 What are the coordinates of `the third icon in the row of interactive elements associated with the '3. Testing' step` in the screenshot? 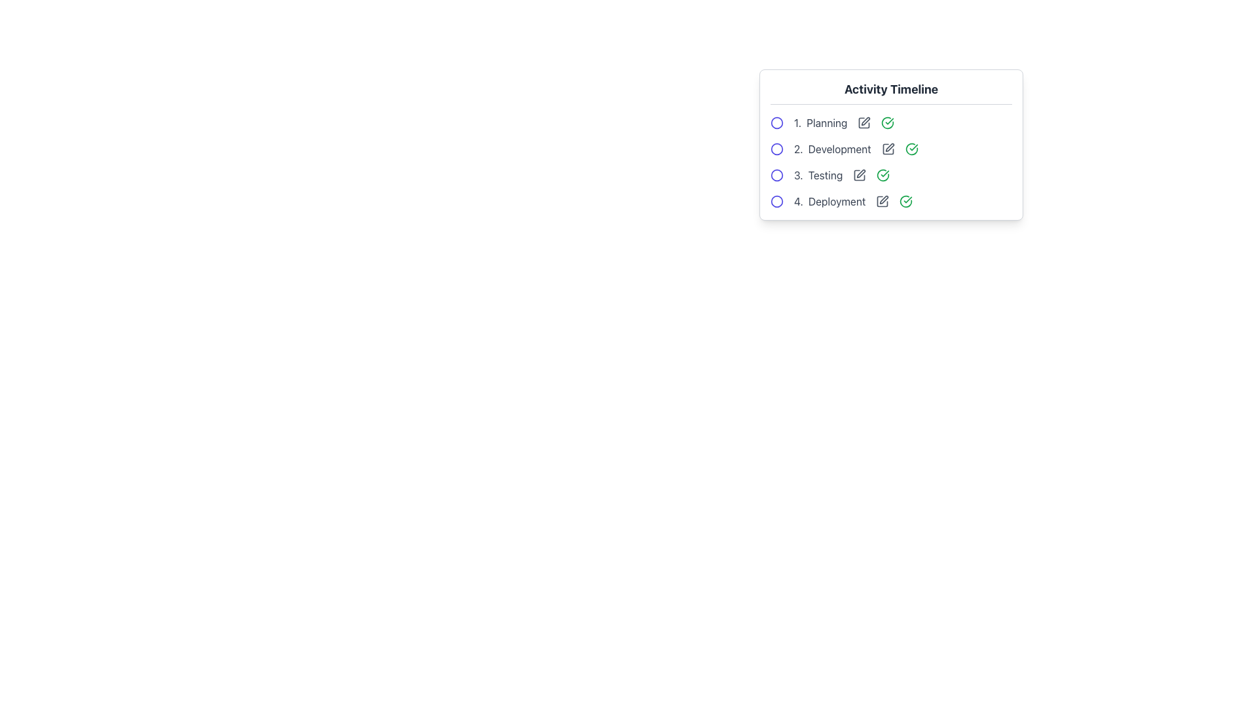 It's located at (860, 174).